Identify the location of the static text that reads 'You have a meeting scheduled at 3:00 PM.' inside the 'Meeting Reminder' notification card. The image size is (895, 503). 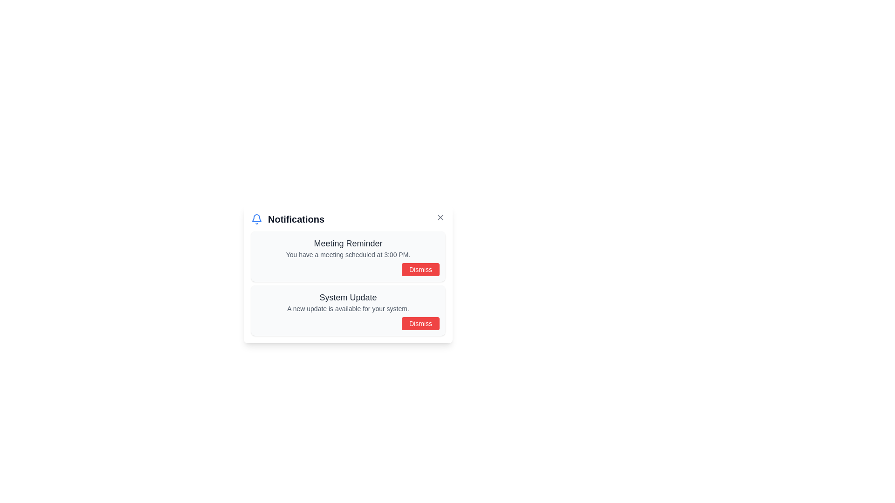
(348, 255).